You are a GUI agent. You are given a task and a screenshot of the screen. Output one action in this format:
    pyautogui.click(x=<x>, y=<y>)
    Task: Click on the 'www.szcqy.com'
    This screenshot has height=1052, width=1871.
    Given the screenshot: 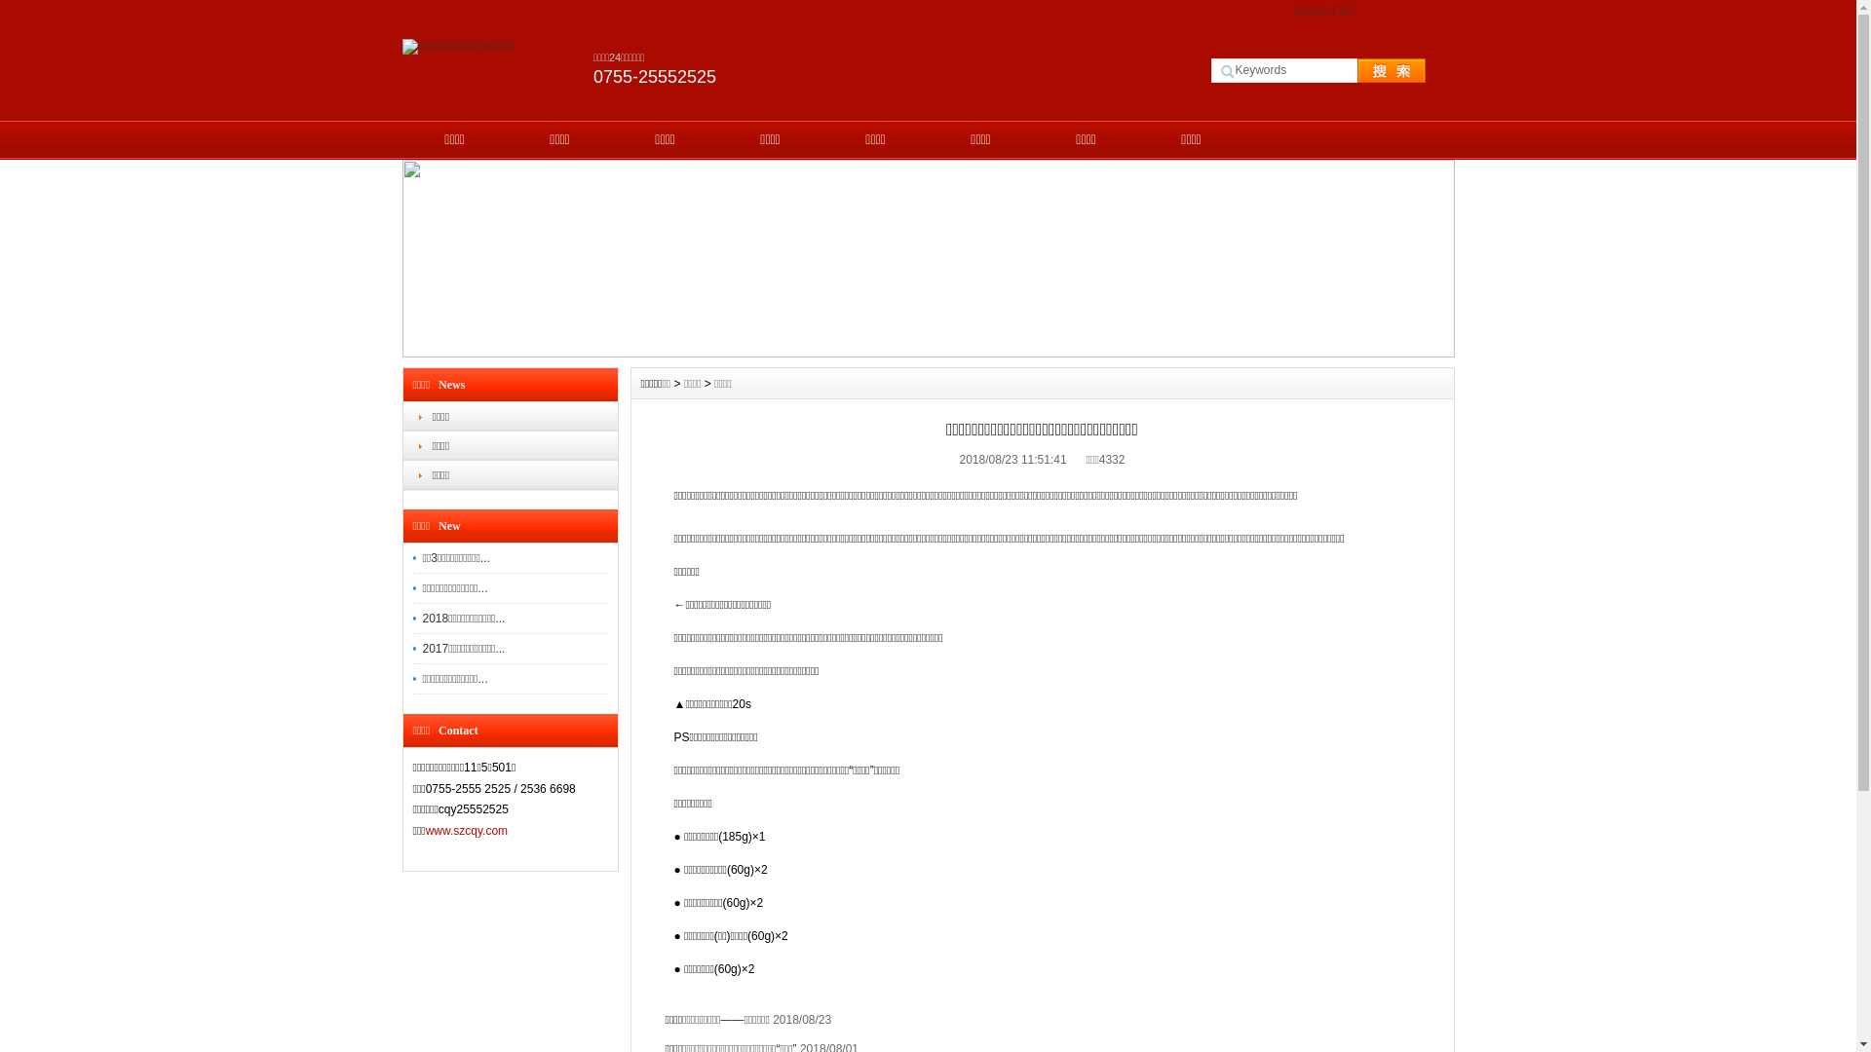 What is the action you would take?
    pyautogui.click(x=466, y=830)
    